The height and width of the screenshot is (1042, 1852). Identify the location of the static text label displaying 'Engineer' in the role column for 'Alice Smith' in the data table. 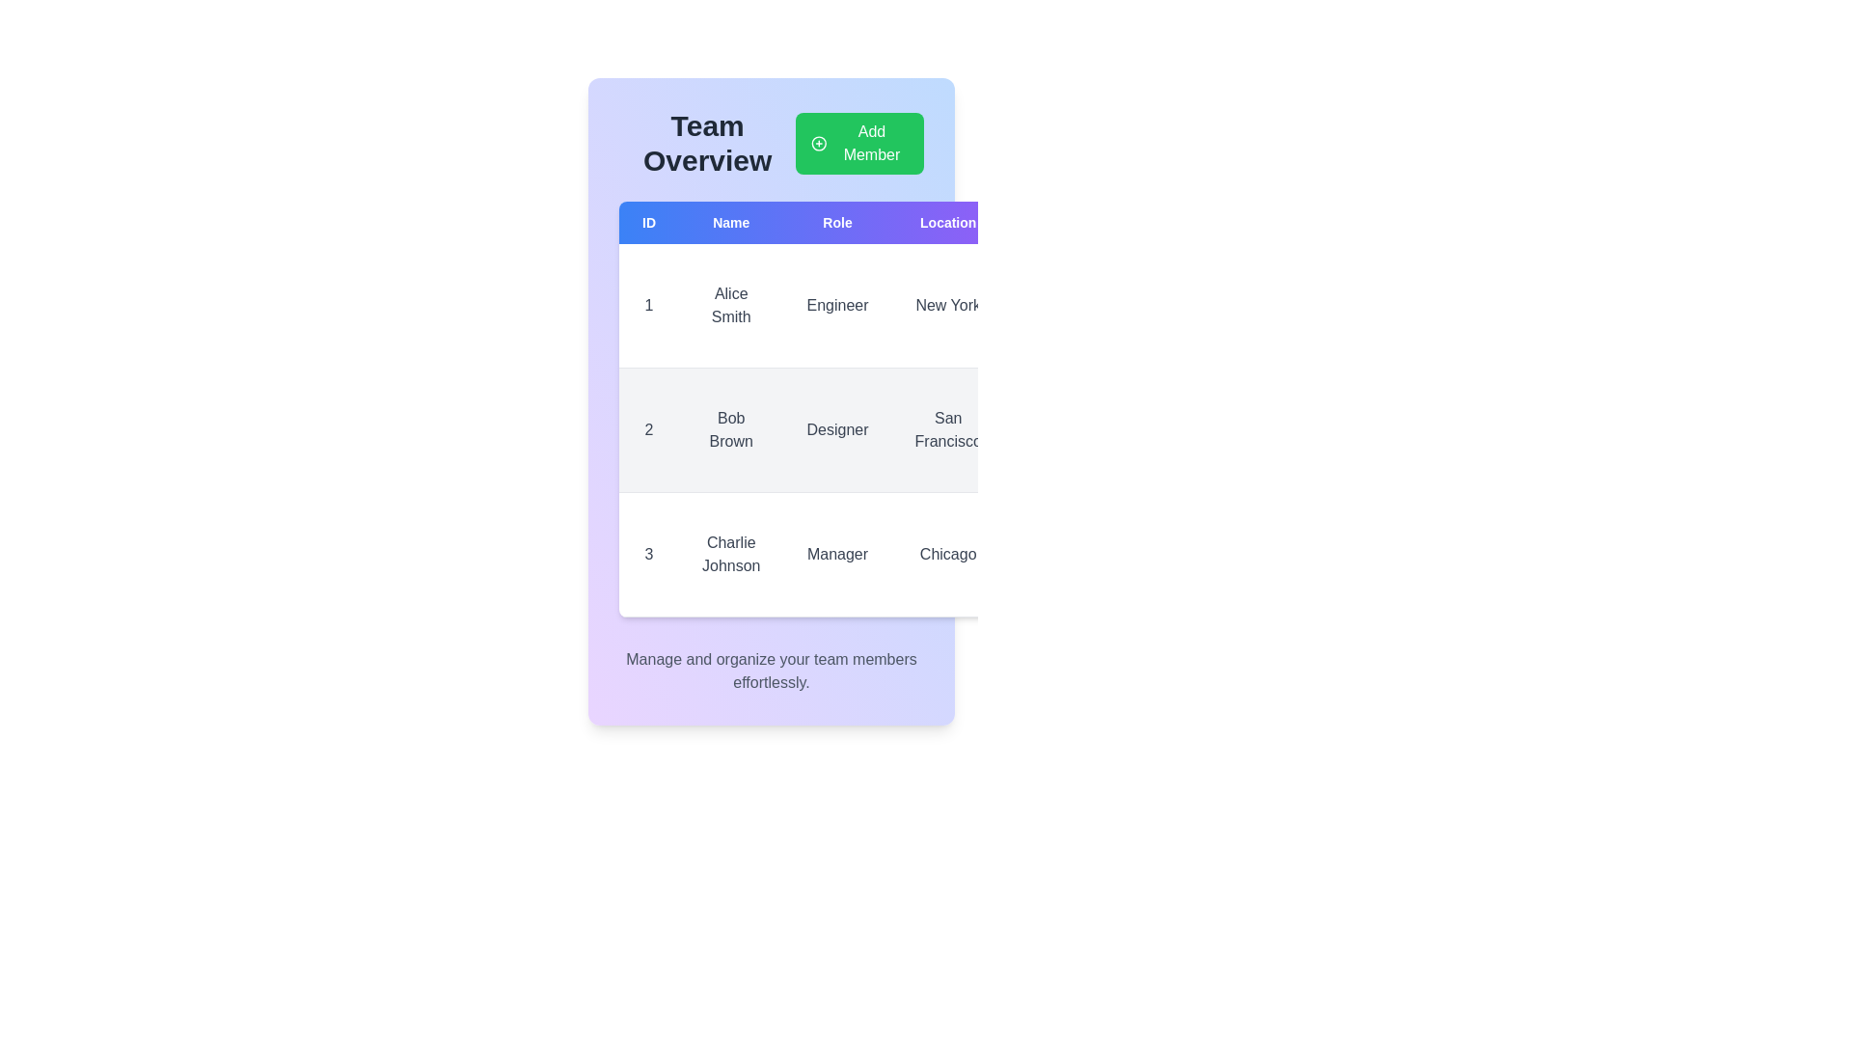
(837, 305).